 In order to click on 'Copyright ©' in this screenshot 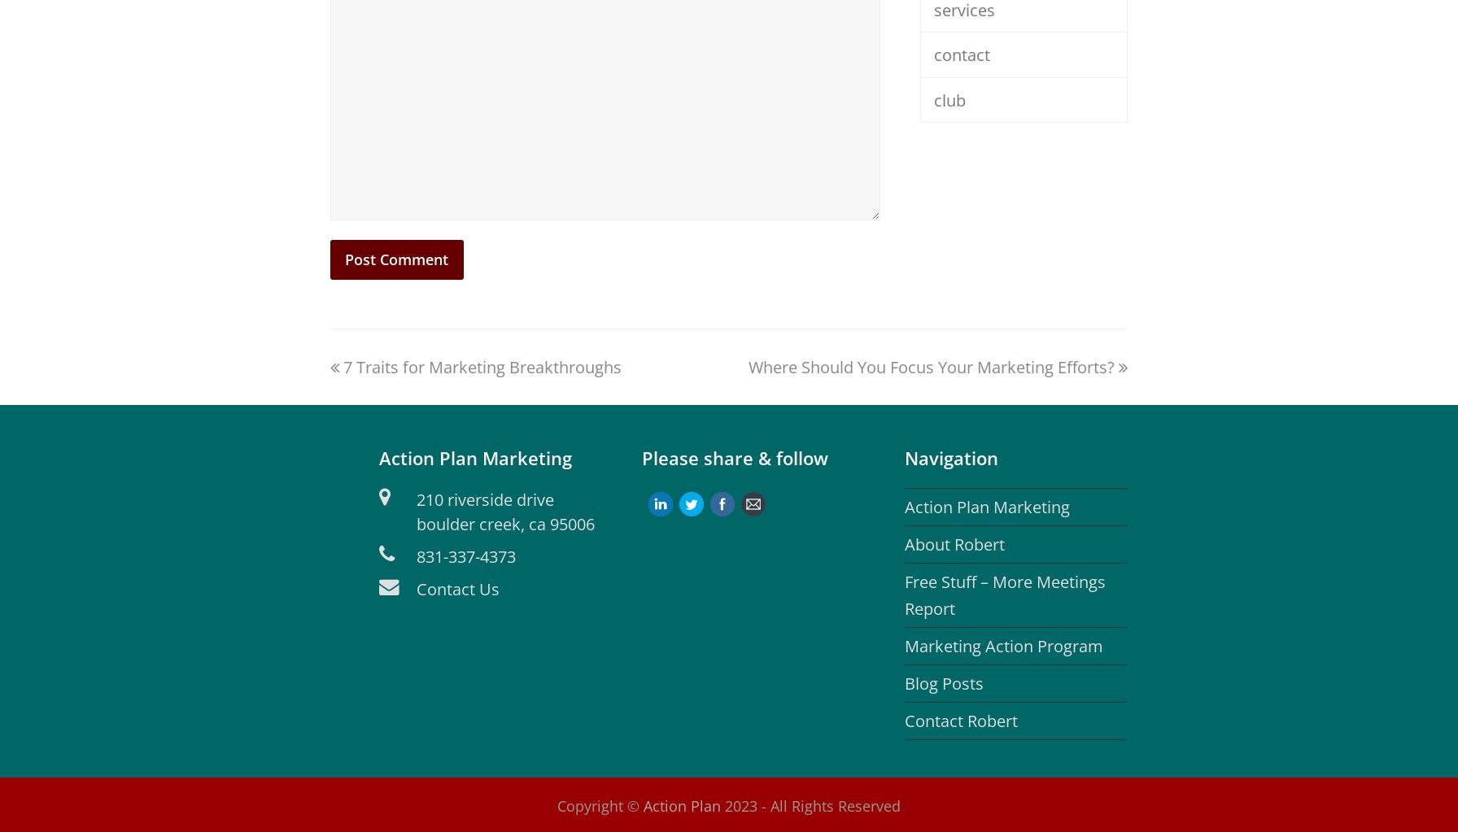, I will do `click(600, 804)`.